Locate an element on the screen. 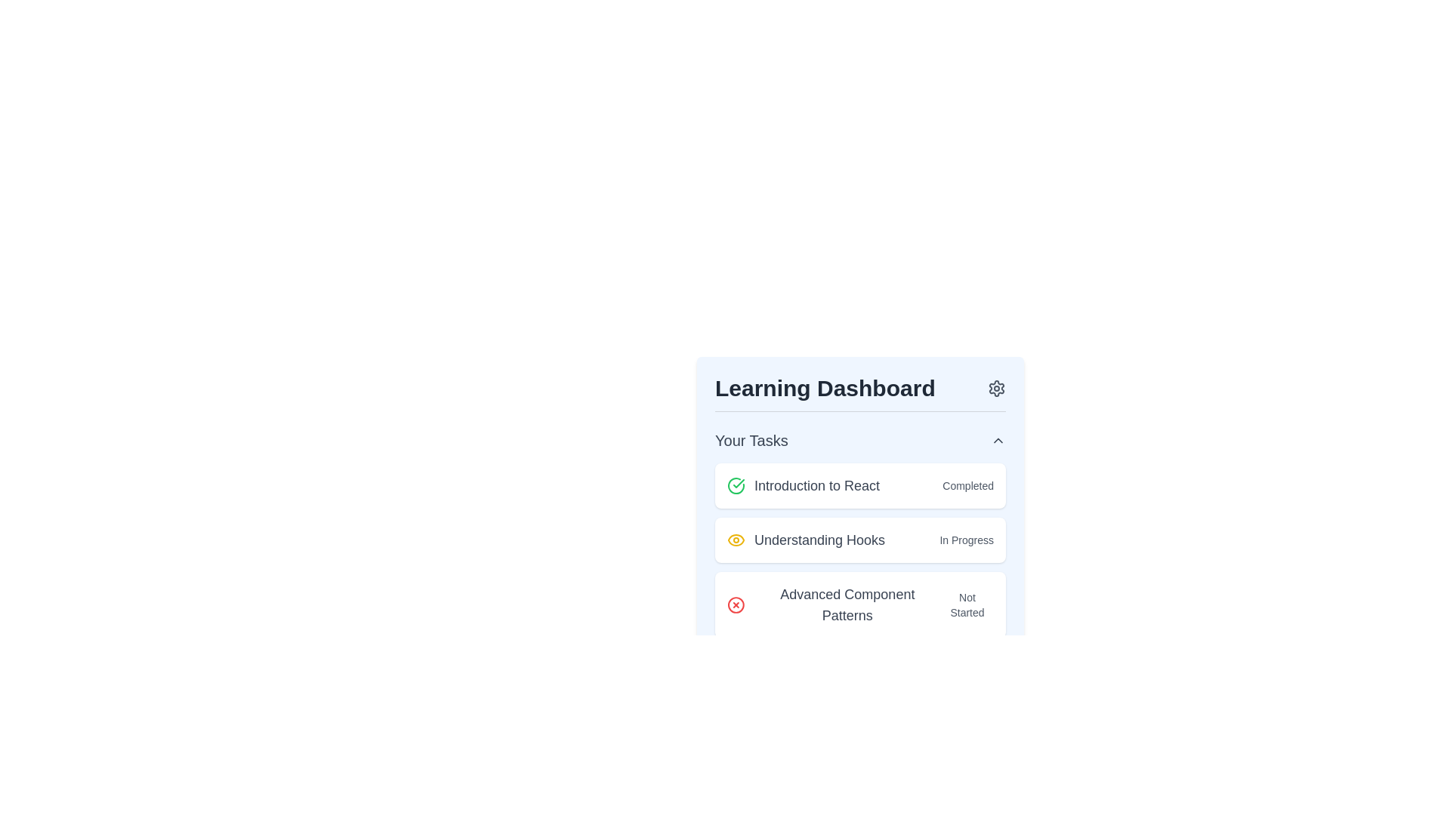  the 'Completed' text label, which is styled in gray with lowercase letters and is located to the right of 'Introduction to React' in the first task row of the 'Your Tasks' list is located at coordinates (968, 486).